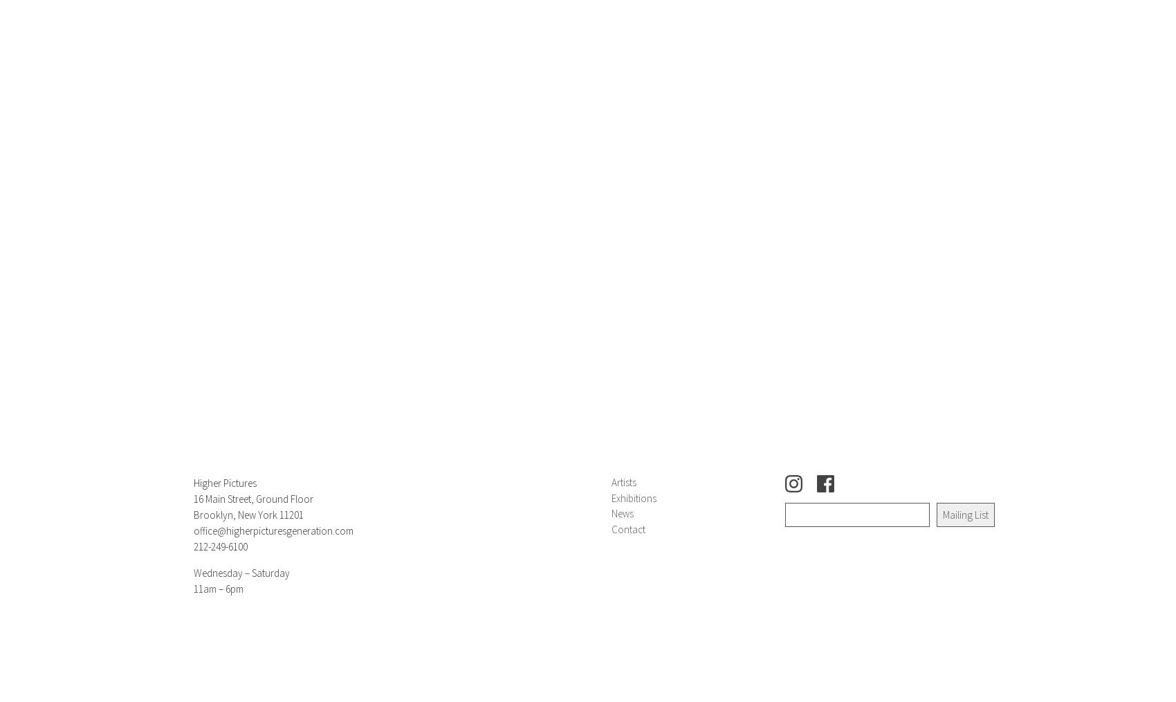 The width and height of the screenshot is (1176, 702). I want to click on 'Exhibitions', so click(610, 497).